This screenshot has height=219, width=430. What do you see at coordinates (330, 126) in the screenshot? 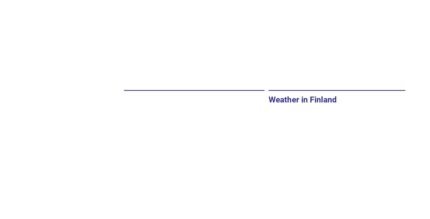
I see `'Min temperature'` at bounding box center [330, 126].